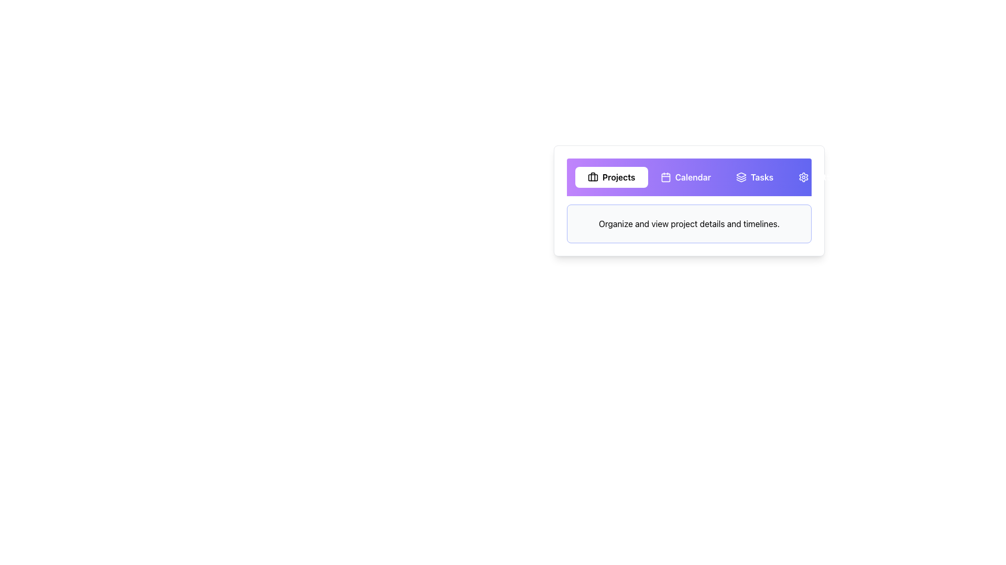 The image size is (1006, 565). What do you see at coordinates (803, 177) in the screenshot?
I see `the gear icon, which is located on the far right of the navigation bar` at bounding box center [803, 177].